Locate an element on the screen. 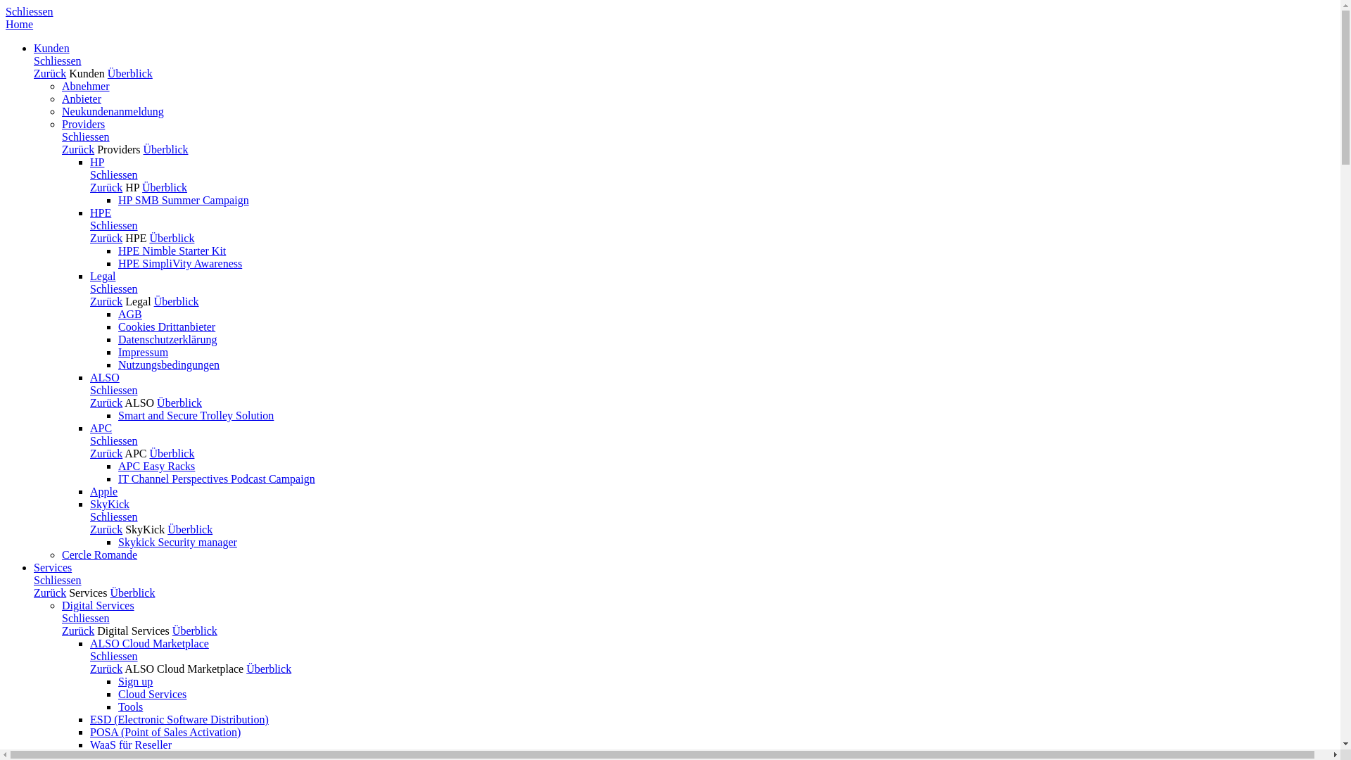 This screenshot has height=760, width=1351. 'HP' is located at coordinates (132, 186).